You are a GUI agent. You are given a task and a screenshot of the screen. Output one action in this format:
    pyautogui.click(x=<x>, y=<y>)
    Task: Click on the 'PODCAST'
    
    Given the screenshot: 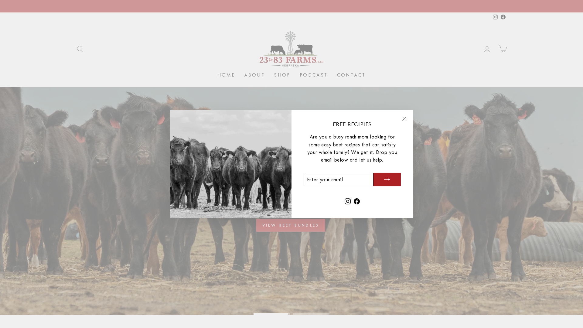 What is the action you would take?
    pyautogui.click(x=314, y=75)
    